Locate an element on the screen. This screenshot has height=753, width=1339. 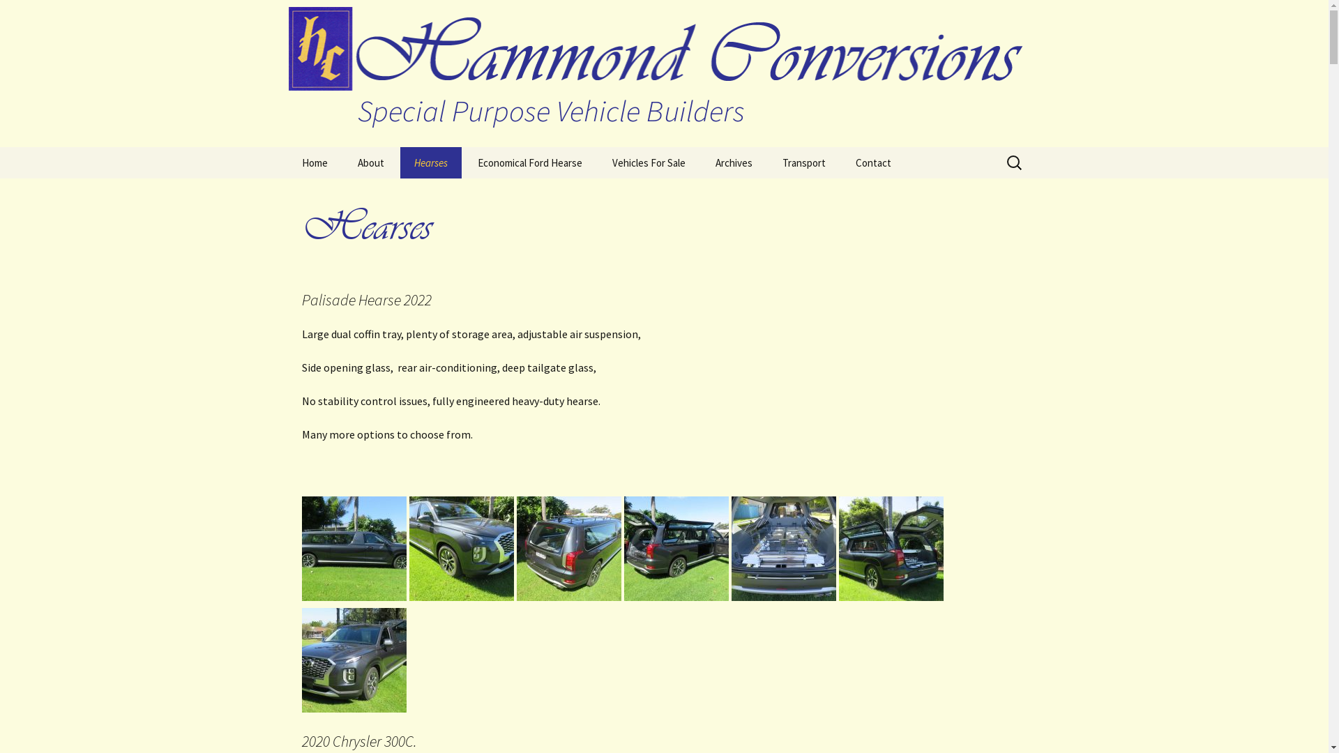
'About' is located at coordinates (370, 162).